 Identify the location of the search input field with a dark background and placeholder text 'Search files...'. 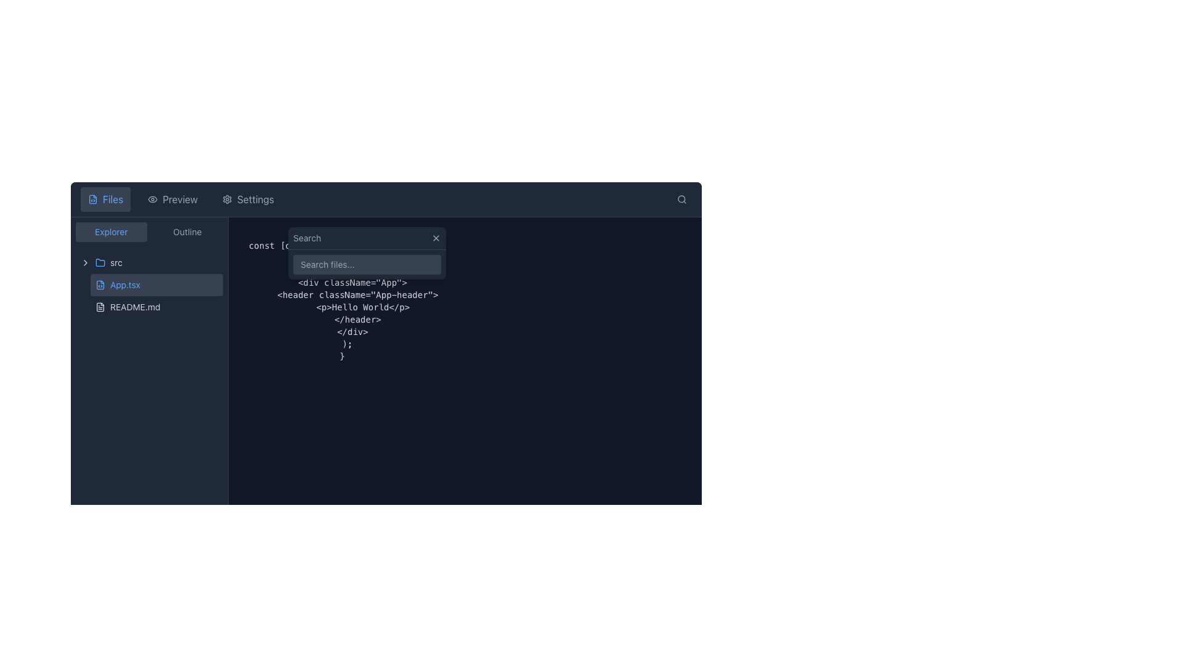
(366, 252).